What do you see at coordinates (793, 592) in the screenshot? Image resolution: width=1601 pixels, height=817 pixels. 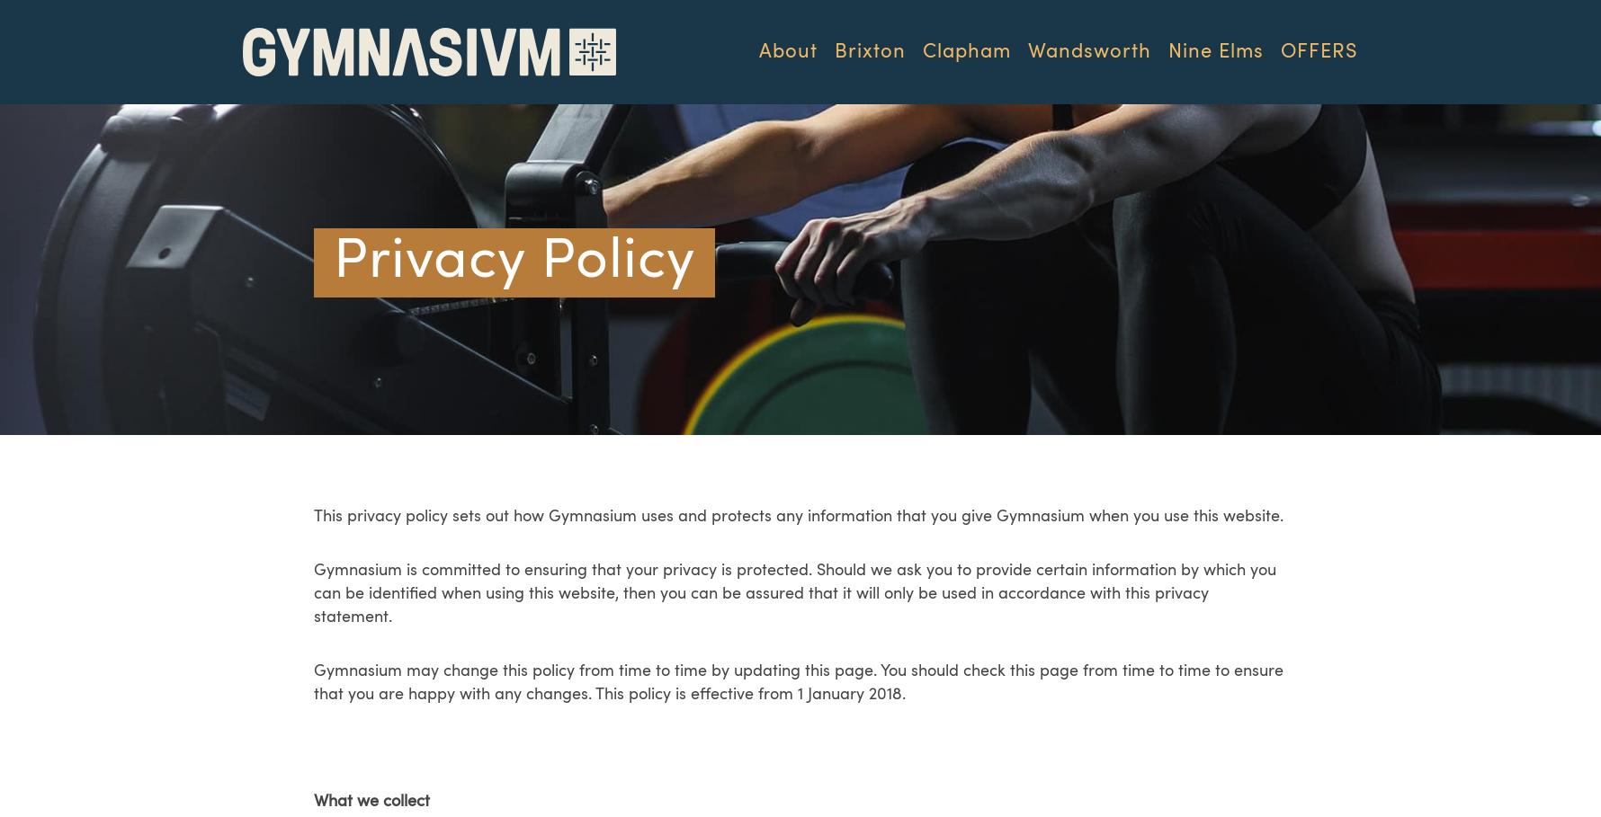 I see `'Gymnasium is committed to ensuring that your privacy is protected. Should we ask you to provide certain information by which you can be identified when using this website, then you can be assured that it will only be used in accordance with this privacy statement.'` at bounding box center [793, 592].